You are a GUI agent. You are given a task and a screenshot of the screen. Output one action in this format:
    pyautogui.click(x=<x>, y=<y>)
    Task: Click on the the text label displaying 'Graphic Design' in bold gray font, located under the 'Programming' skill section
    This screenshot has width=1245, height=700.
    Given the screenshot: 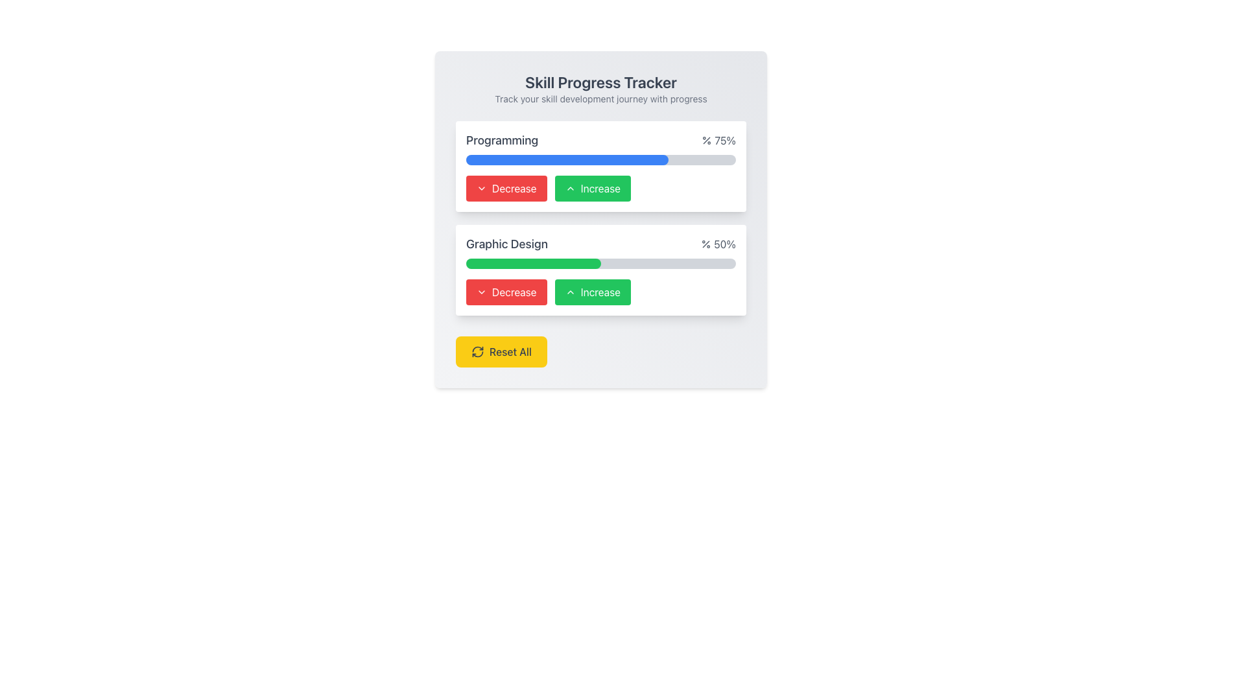 What is the action you would take?
    pyautogui.click(x=506, y=244)
    